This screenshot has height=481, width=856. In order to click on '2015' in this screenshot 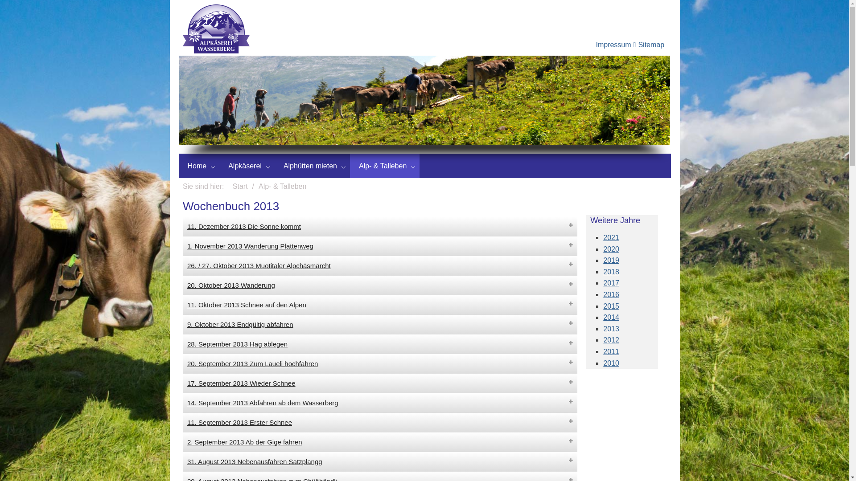, I will do `click(603, 306)`.